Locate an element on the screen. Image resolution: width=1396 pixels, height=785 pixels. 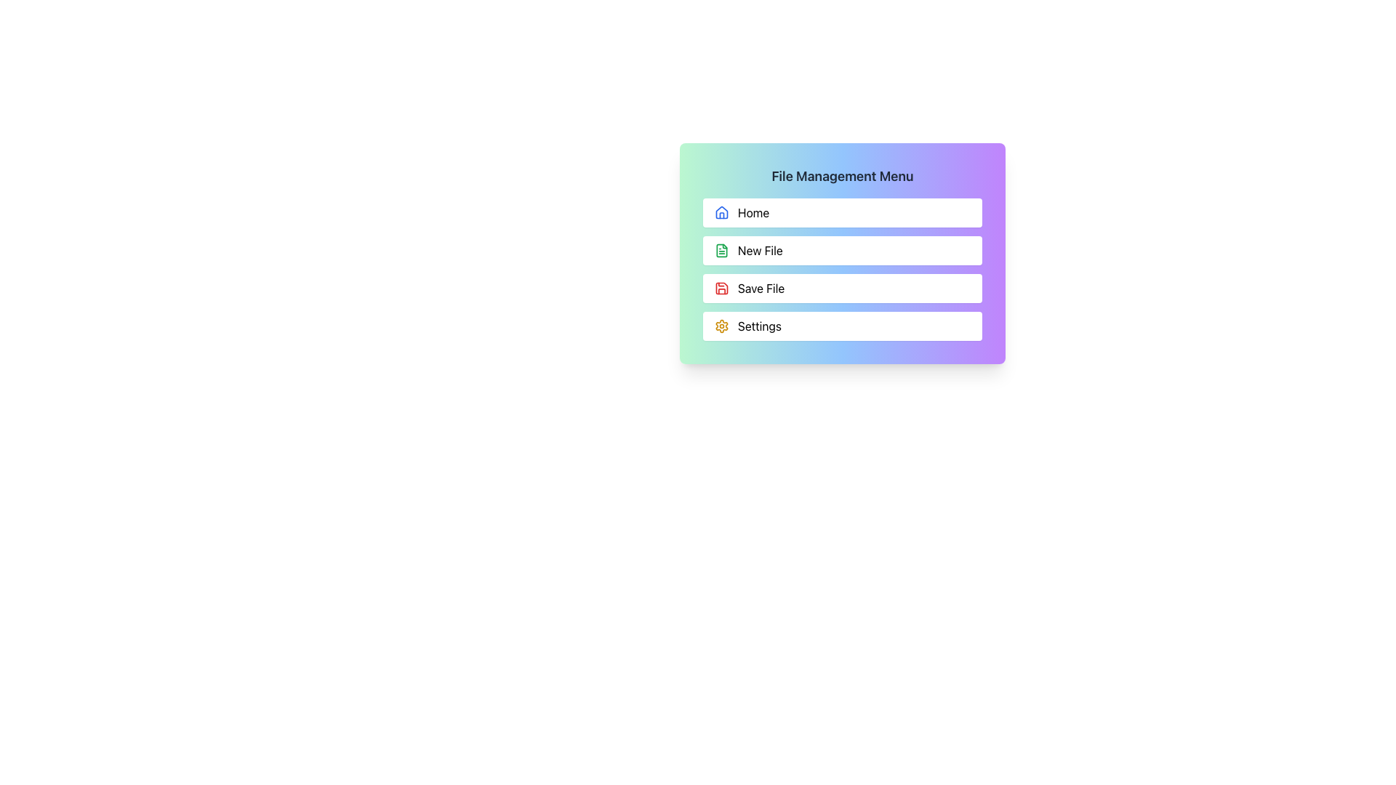
the graphical house icon with a blue outline located in the top-left corner of the menu panel next to the 'Home' label is located at coordinates (722, 212).